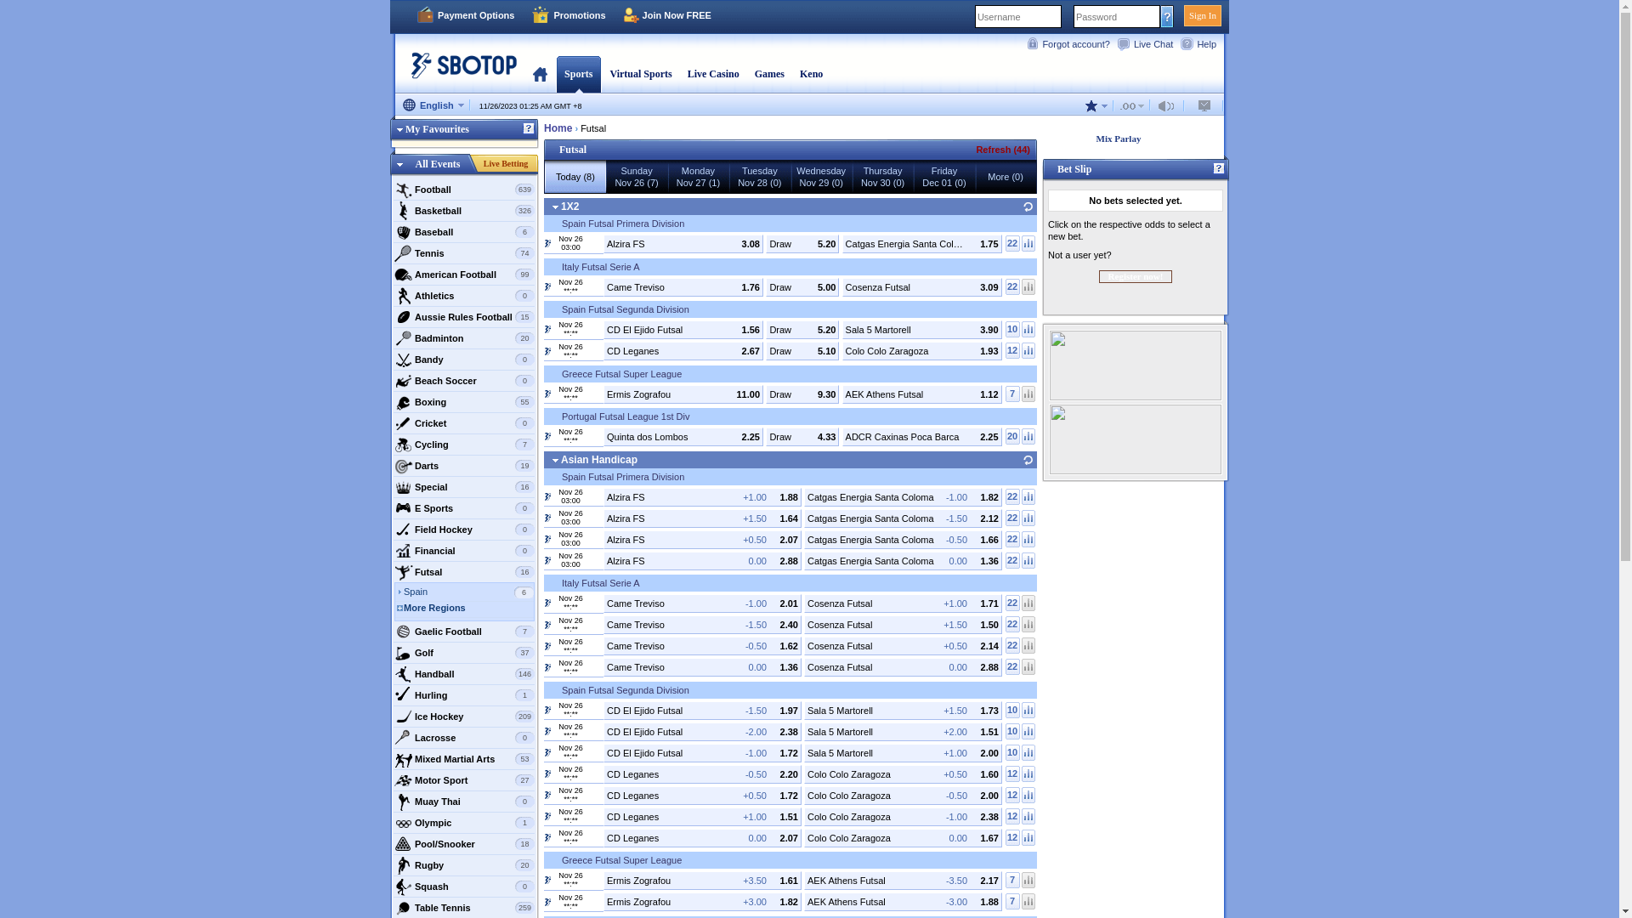 Image resolution: width=1632 pixels, height=918 pixels. What do you see at coordinates (902, 773) in the screenshot?
I see `'1.60` at bounding box center [902, 773].